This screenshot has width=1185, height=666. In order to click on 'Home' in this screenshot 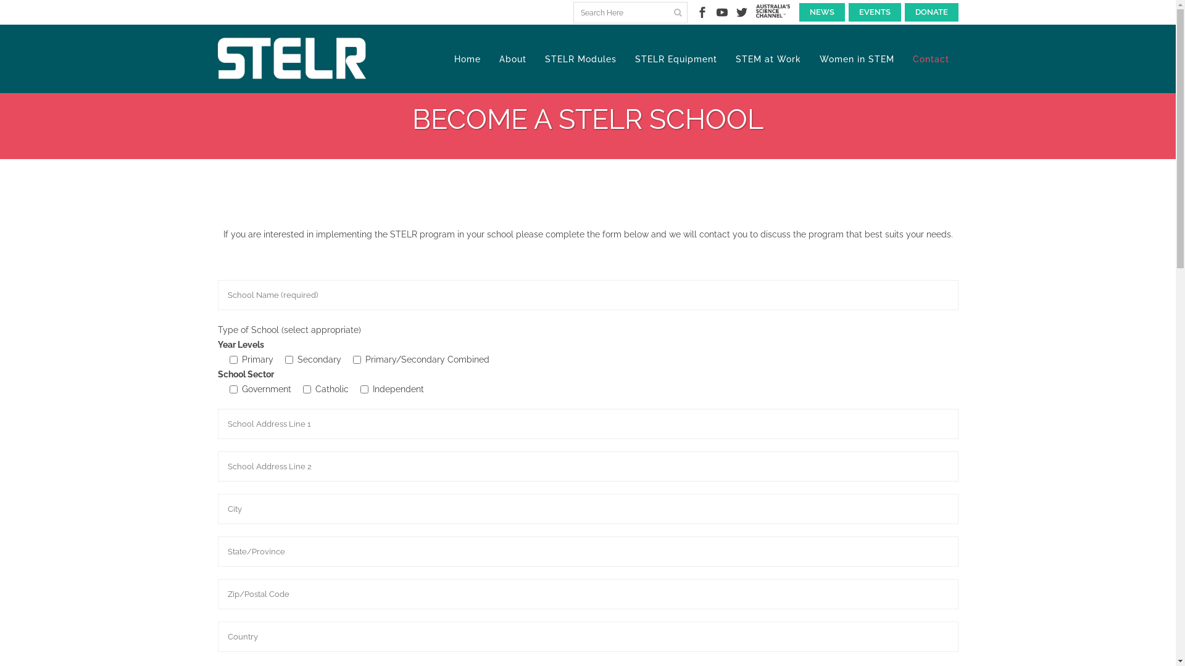, I will do `click(466, 59)`.